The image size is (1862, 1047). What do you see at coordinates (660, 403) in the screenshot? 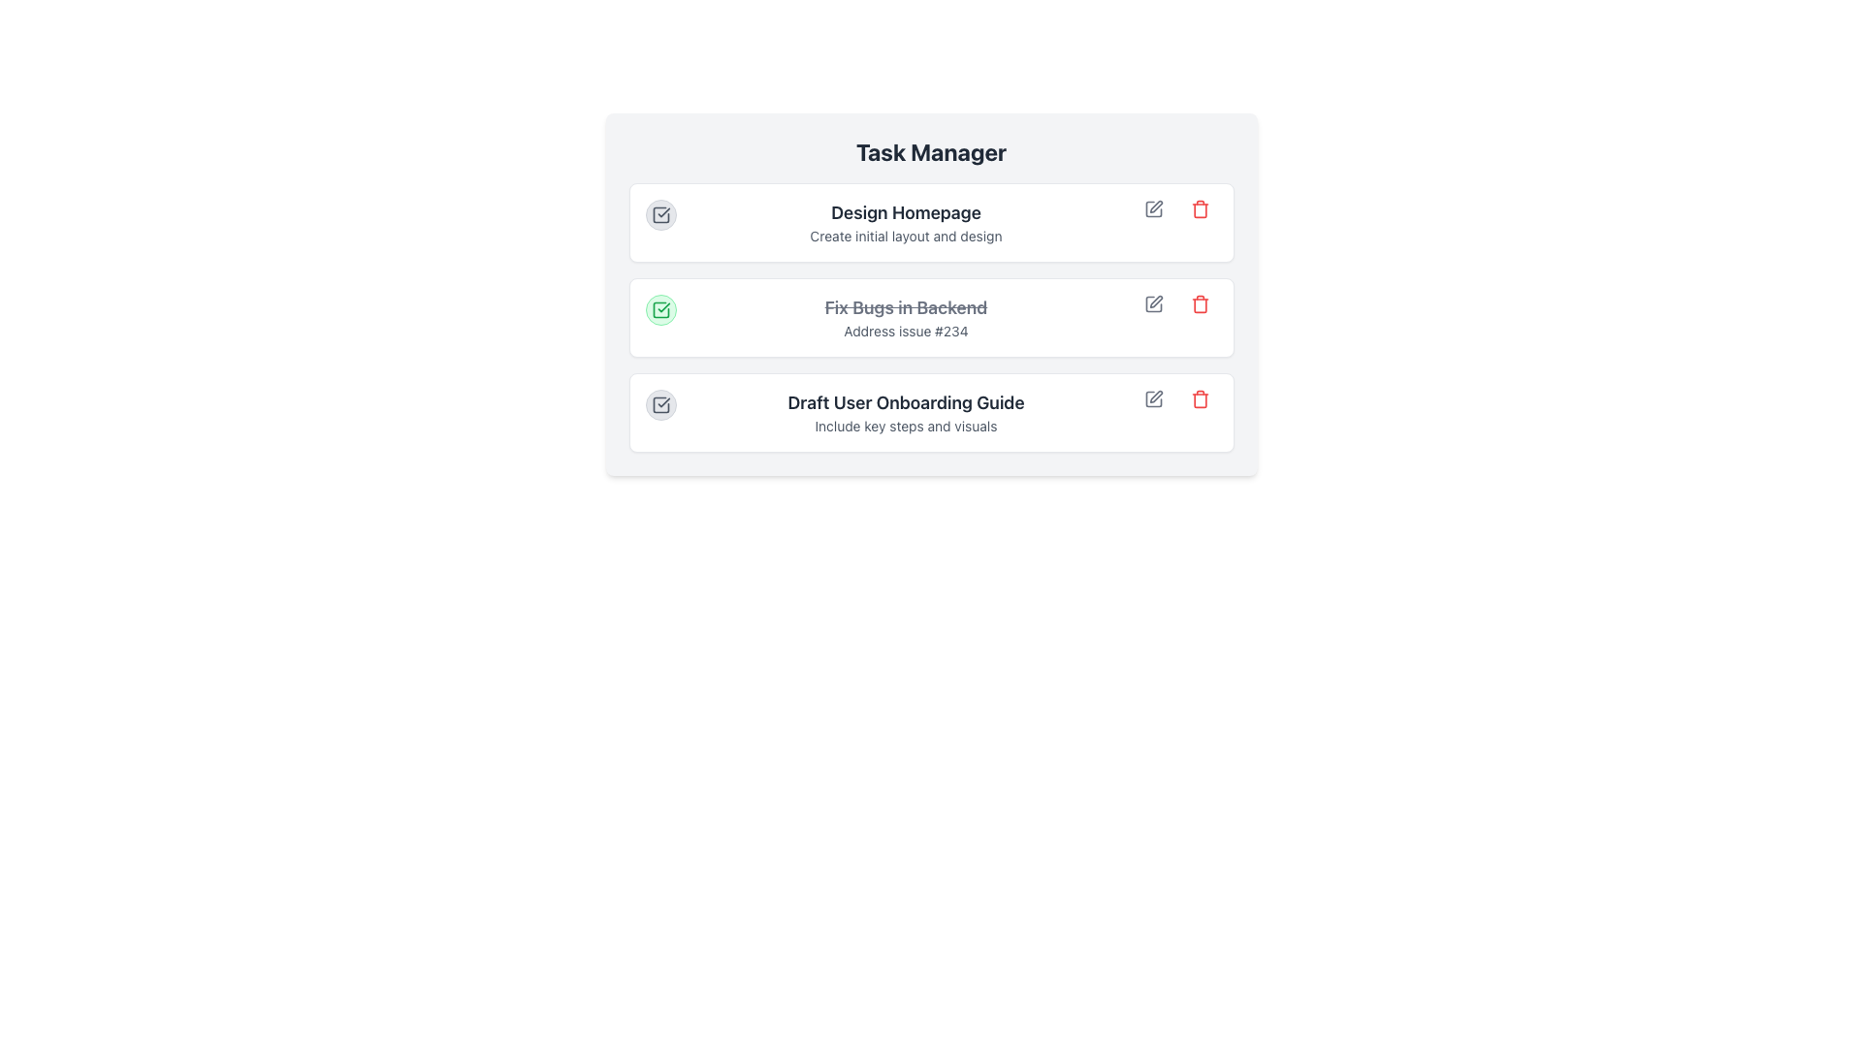
I see `the task completion status icon located to the left of the 'Draft User Onboarding Guide' task entry` at bounding box center [660, 403].